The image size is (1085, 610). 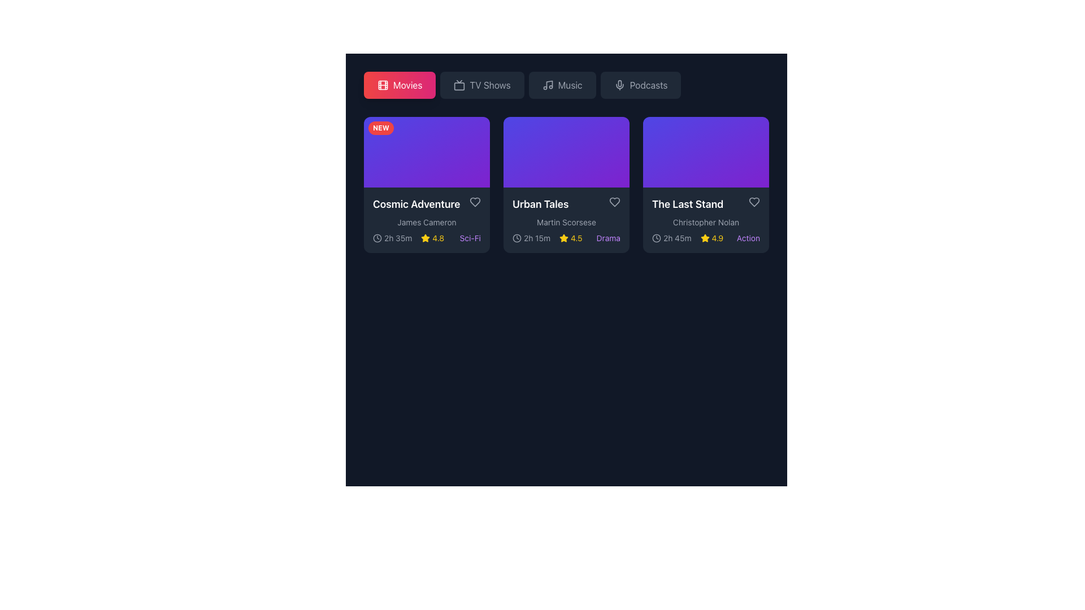 I want to click on the Text label displaying the director's name for the movie 'Urban Tales', located beneath the title and above the duration and rating information, so click(x=566, y=223).